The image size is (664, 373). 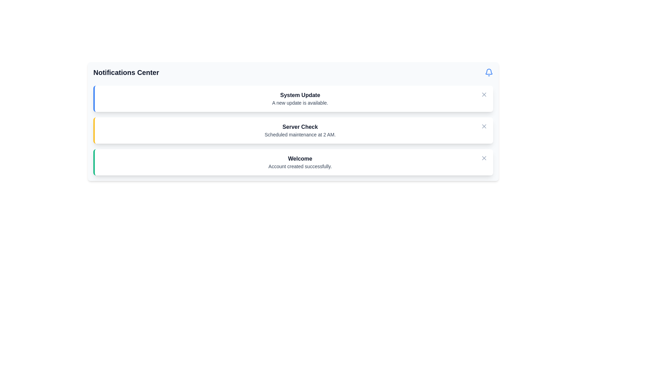 I want to click on title of the second notification in the Notifications Center, which summarizes the content of the notification, so click(x=300, y=127).